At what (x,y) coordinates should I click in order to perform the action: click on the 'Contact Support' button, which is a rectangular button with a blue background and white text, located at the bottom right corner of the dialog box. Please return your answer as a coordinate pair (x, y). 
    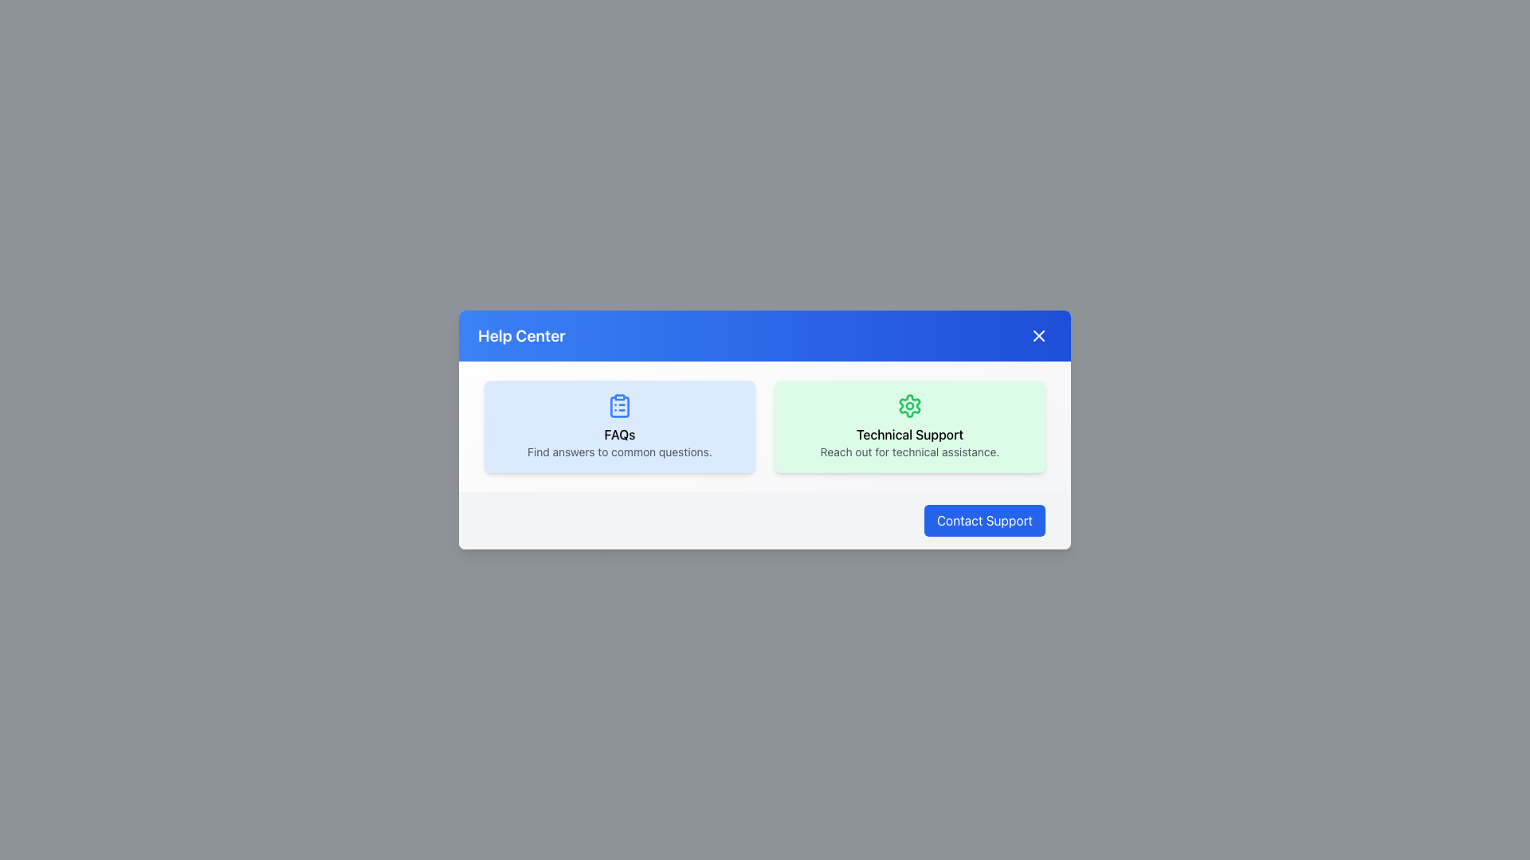
    Looking at the image, I should click on (983, 521).